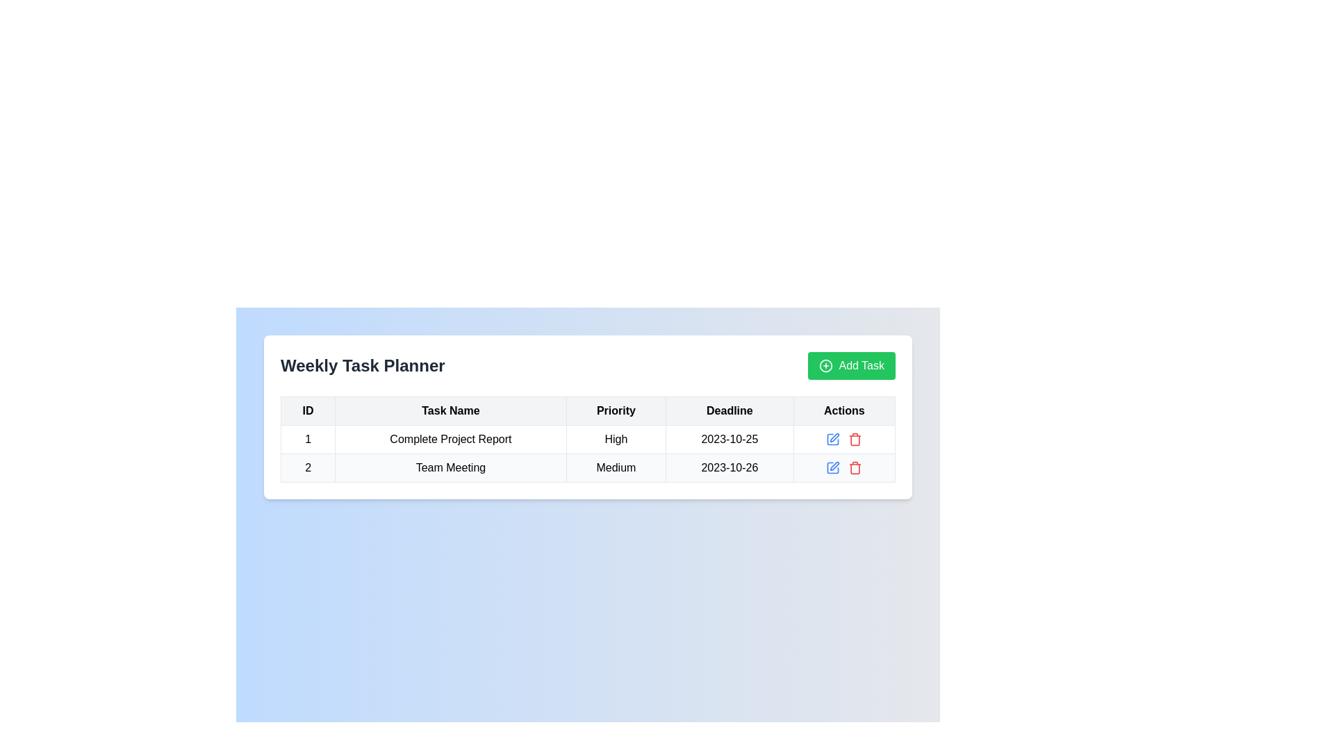  What do you see at coordinates (450, 468) in the screenshot?
I see `text displayed in the second row entry under the 'Task Name' column in the 'Weekly Task Planner' table, which is positioned between the 'ID' and 'Priority' columns` at bounding box center [450, 468].